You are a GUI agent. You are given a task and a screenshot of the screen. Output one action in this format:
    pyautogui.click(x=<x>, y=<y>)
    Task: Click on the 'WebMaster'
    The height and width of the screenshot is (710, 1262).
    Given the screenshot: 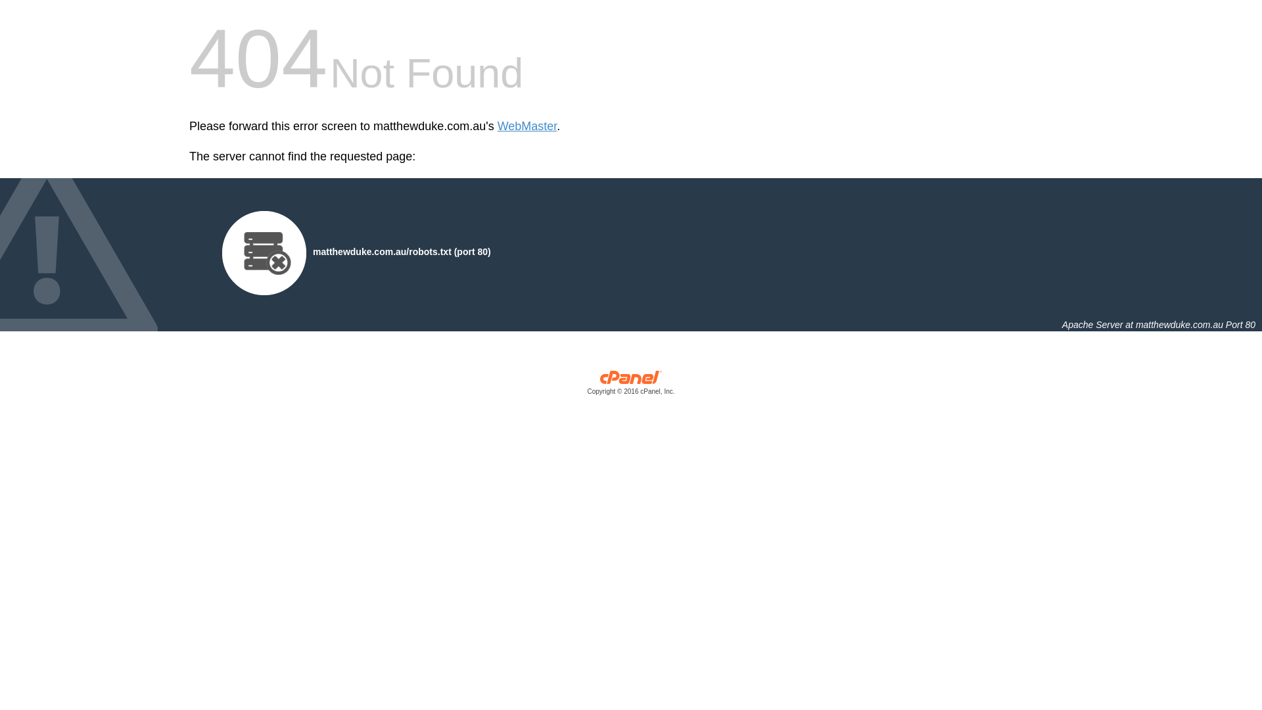 What is the action you would take?
    pyautogui.click(x=527, y=126)
    